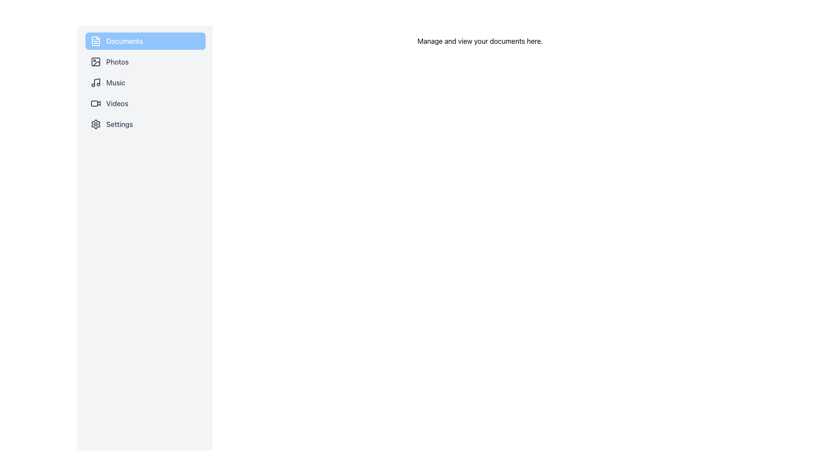  Describe the element at coordinates (95, 41) in the screenshot. I see `'Documents' icon located on the top-left corner of the sidebar menu, which is visually represented and precedes the text label 'Documents'` at that location.